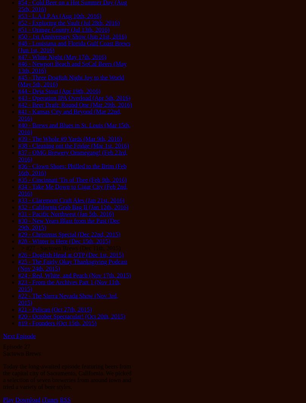 The image size is (306, 403). I want to click on 'Episode 27', so click(3, 346).